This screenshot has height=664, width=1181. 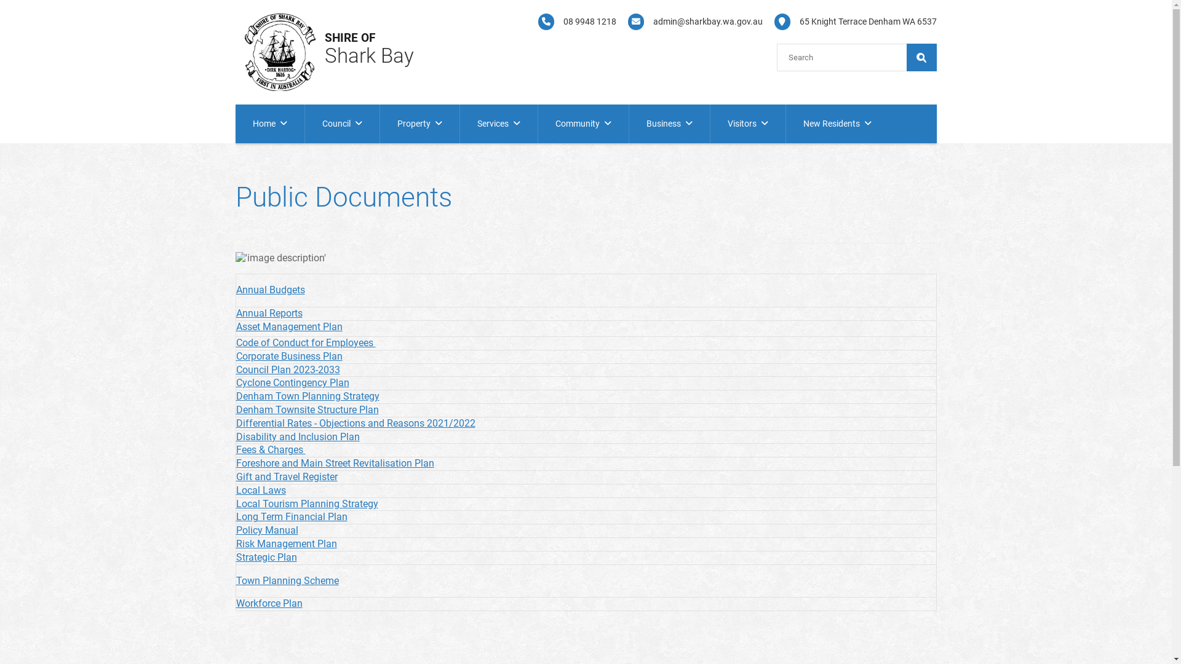 I want to click on 'Property', so click(x=380, y=124).